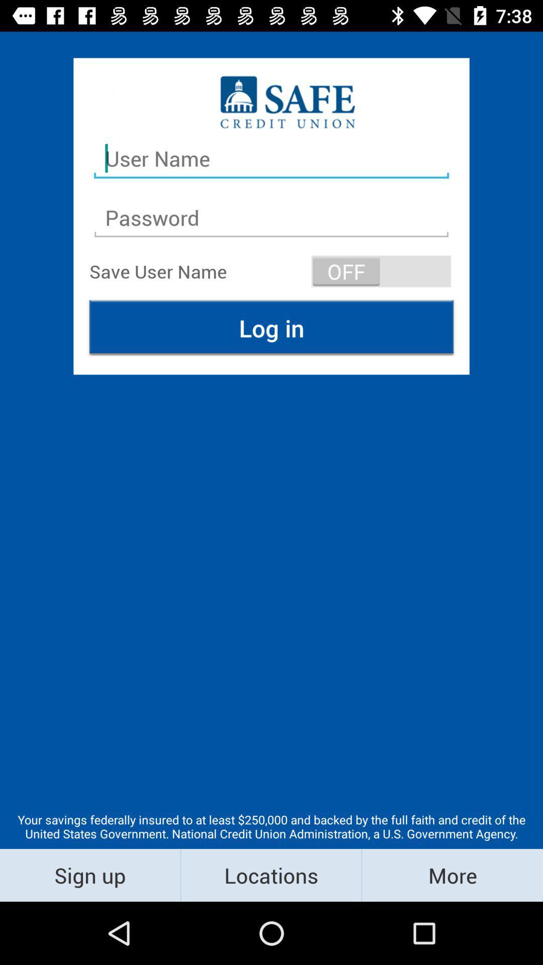 The width and height of the screenshot is (543, 965). What do you see at coordinates (451, 875) in the screenshot?
I see `the icon next to locations item` at bounding box center [451, 875].